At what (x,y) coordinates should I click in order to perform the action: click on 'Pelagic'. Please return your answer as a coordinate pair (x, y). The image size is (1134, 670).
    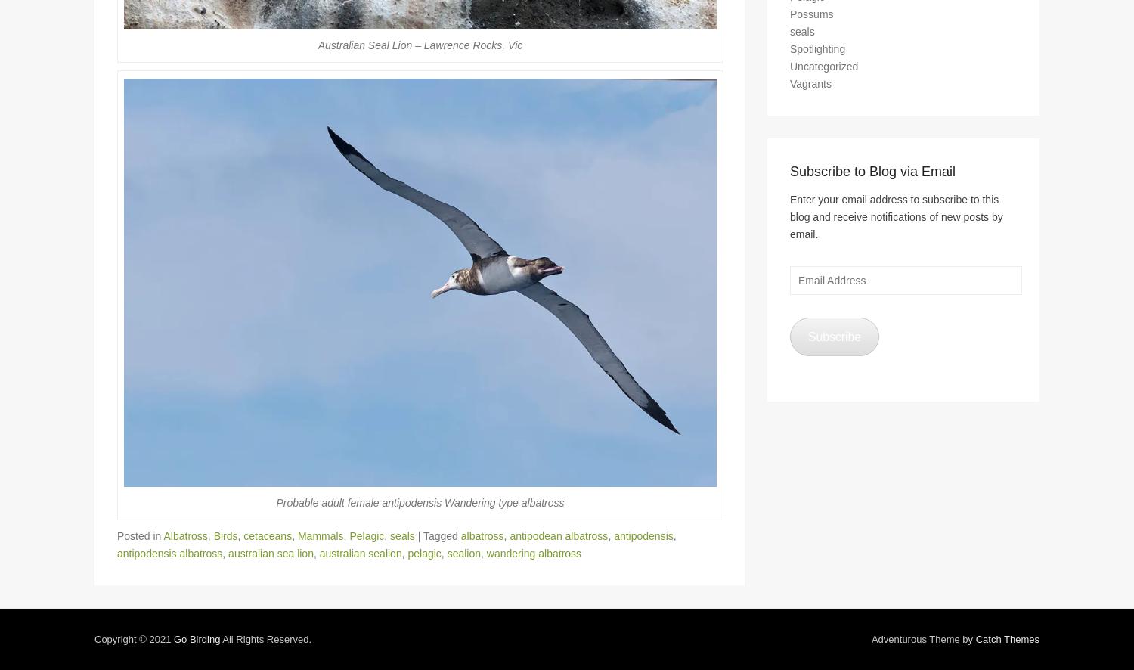
    Looking at the image, I should click on (365, 542).